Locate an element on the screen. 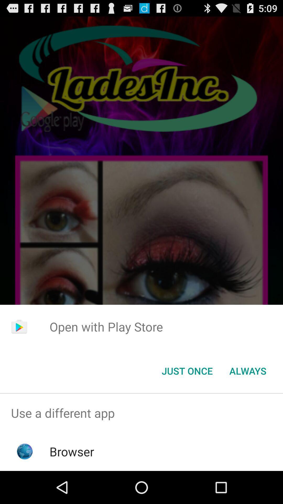 The height and width of the screenshot is (504, 283). the item below the use a different icon is located at coordinates (72, 451).